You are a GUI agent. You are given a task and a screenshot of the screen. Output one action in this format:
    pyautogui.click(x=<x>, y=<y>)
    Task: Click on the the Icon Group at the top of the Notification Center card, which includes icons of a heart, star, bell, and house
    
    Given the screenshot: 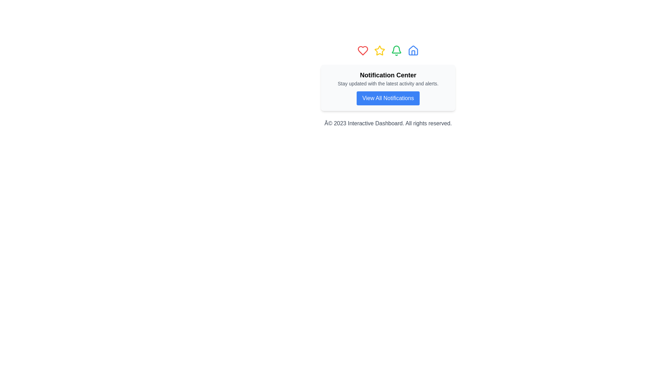 What is the action you would take?
    pyautogui.click(x=387, y=50)
    